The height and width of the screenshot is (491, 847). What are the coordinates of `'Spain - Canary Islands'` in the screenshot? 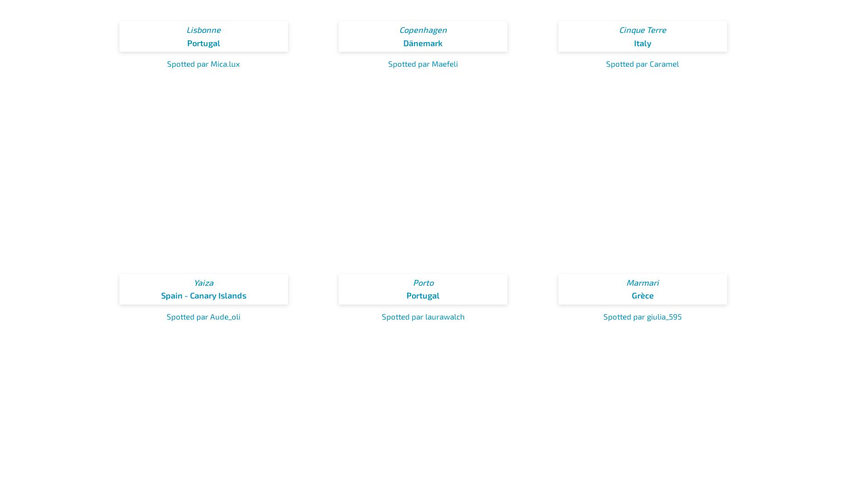 It's located at (203, 295).